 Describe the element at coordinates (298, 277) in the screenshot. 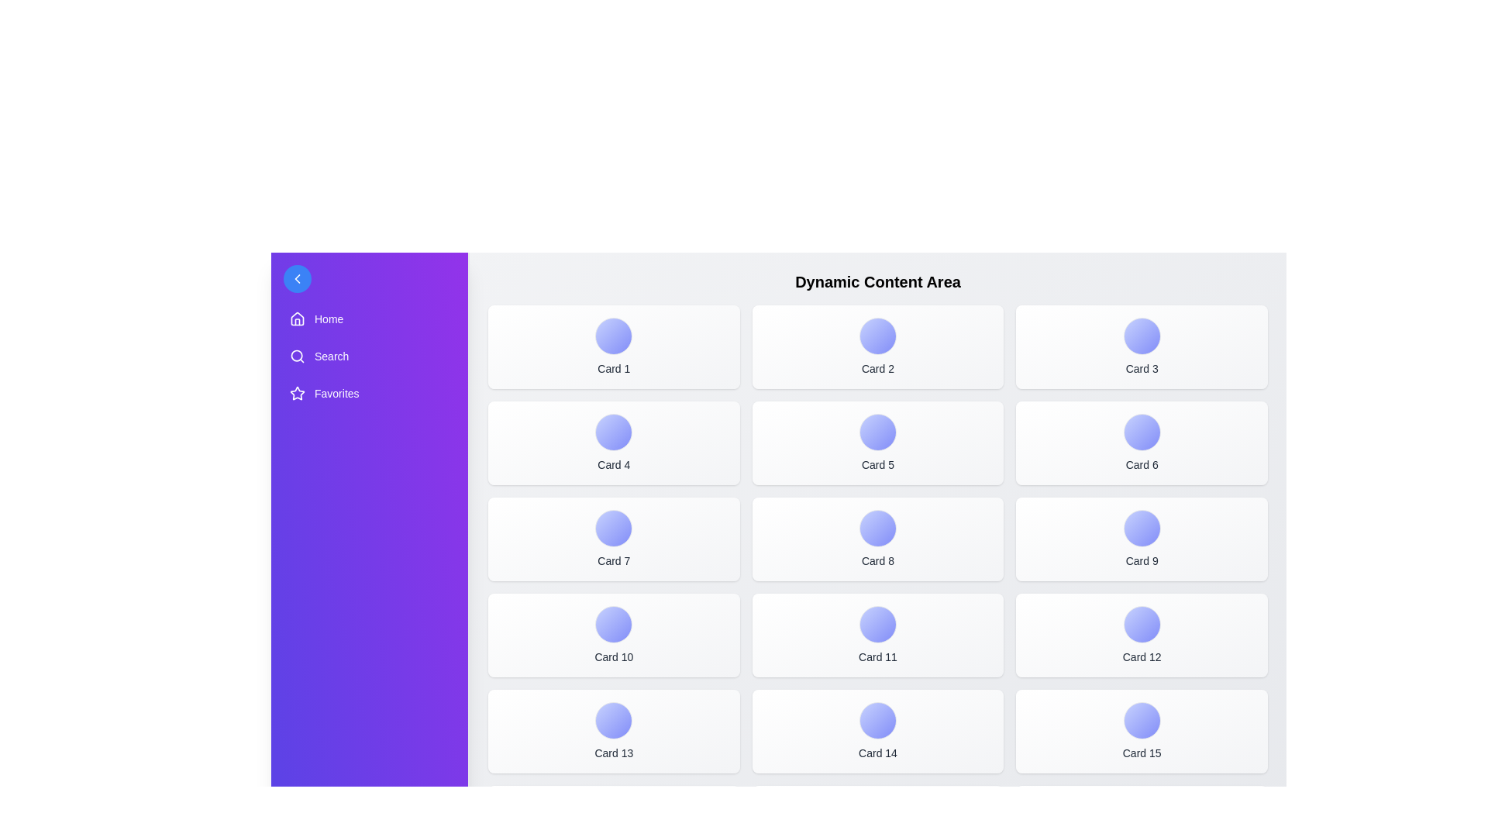

I see `toggle button in the sidebar to change its state` at that location.